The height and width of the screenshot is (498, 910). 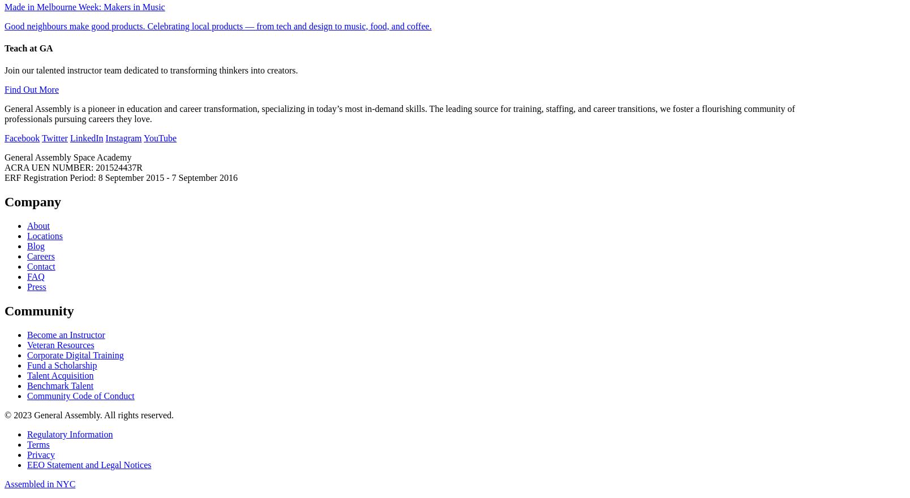 I want to click on 'ERF Registration Period: 8 September 2015 - 7 September 2016', so click(x=121, y=177).